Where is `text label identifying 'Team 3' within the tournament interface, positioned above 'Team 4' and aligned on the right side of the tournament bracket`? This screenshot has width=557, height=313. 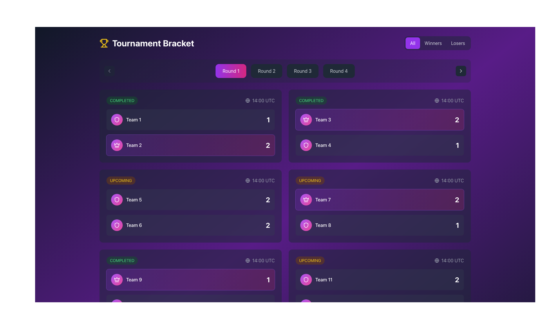
text label identifying 'Team 3' within the tournament interface, positioned above 'Team 4' and aligned on the right side of the tournament bracket is located at coordinates (323, 119).